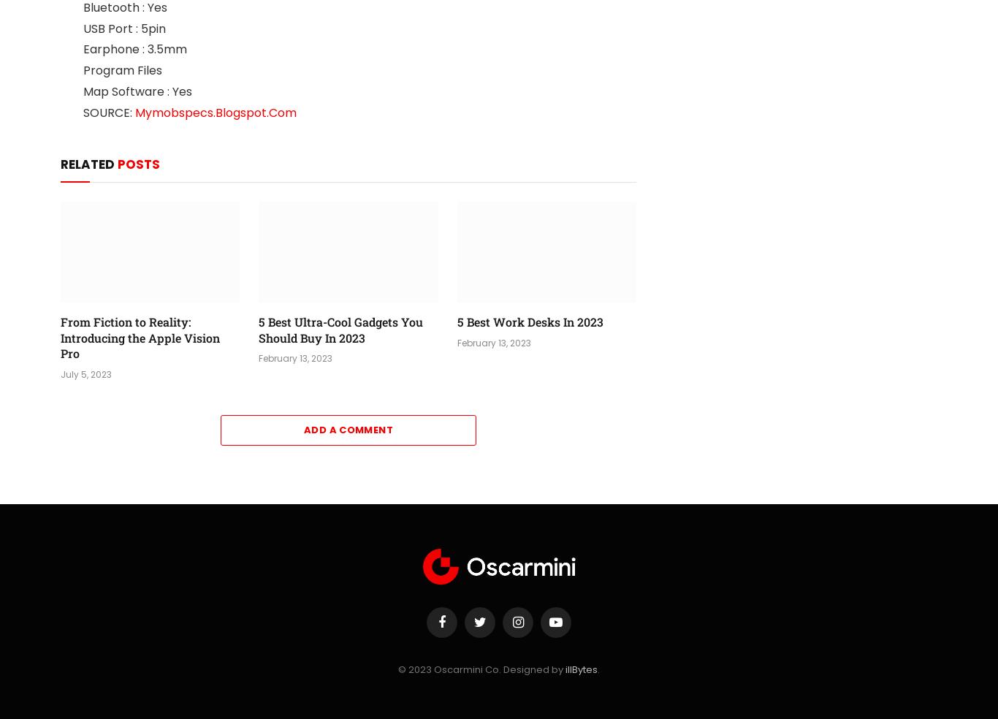 Image resolution: width=998 pixels, height=719 pixels. I want to click on '5 Best Work Desks In 2023', so click(455, 321).